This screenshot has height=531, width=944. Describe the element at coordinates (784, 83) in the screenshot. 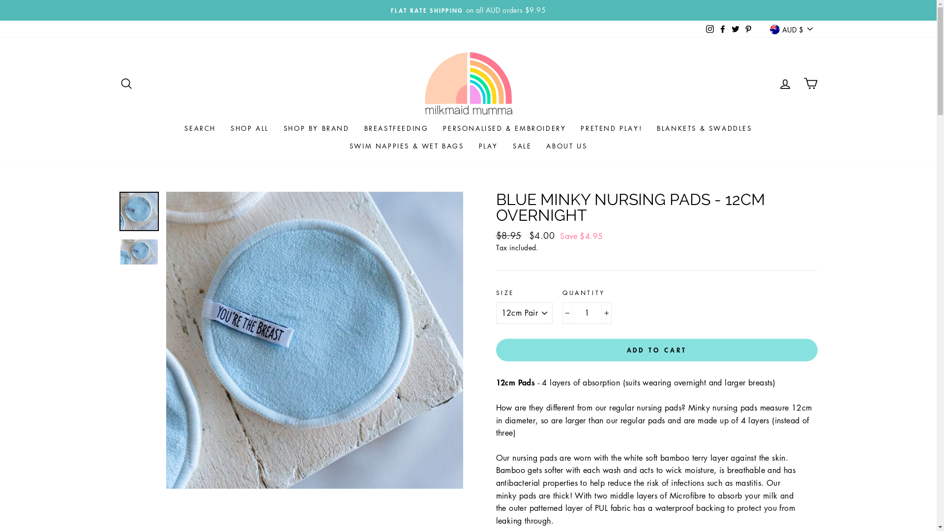

I see `'LOG IN'` at that location.